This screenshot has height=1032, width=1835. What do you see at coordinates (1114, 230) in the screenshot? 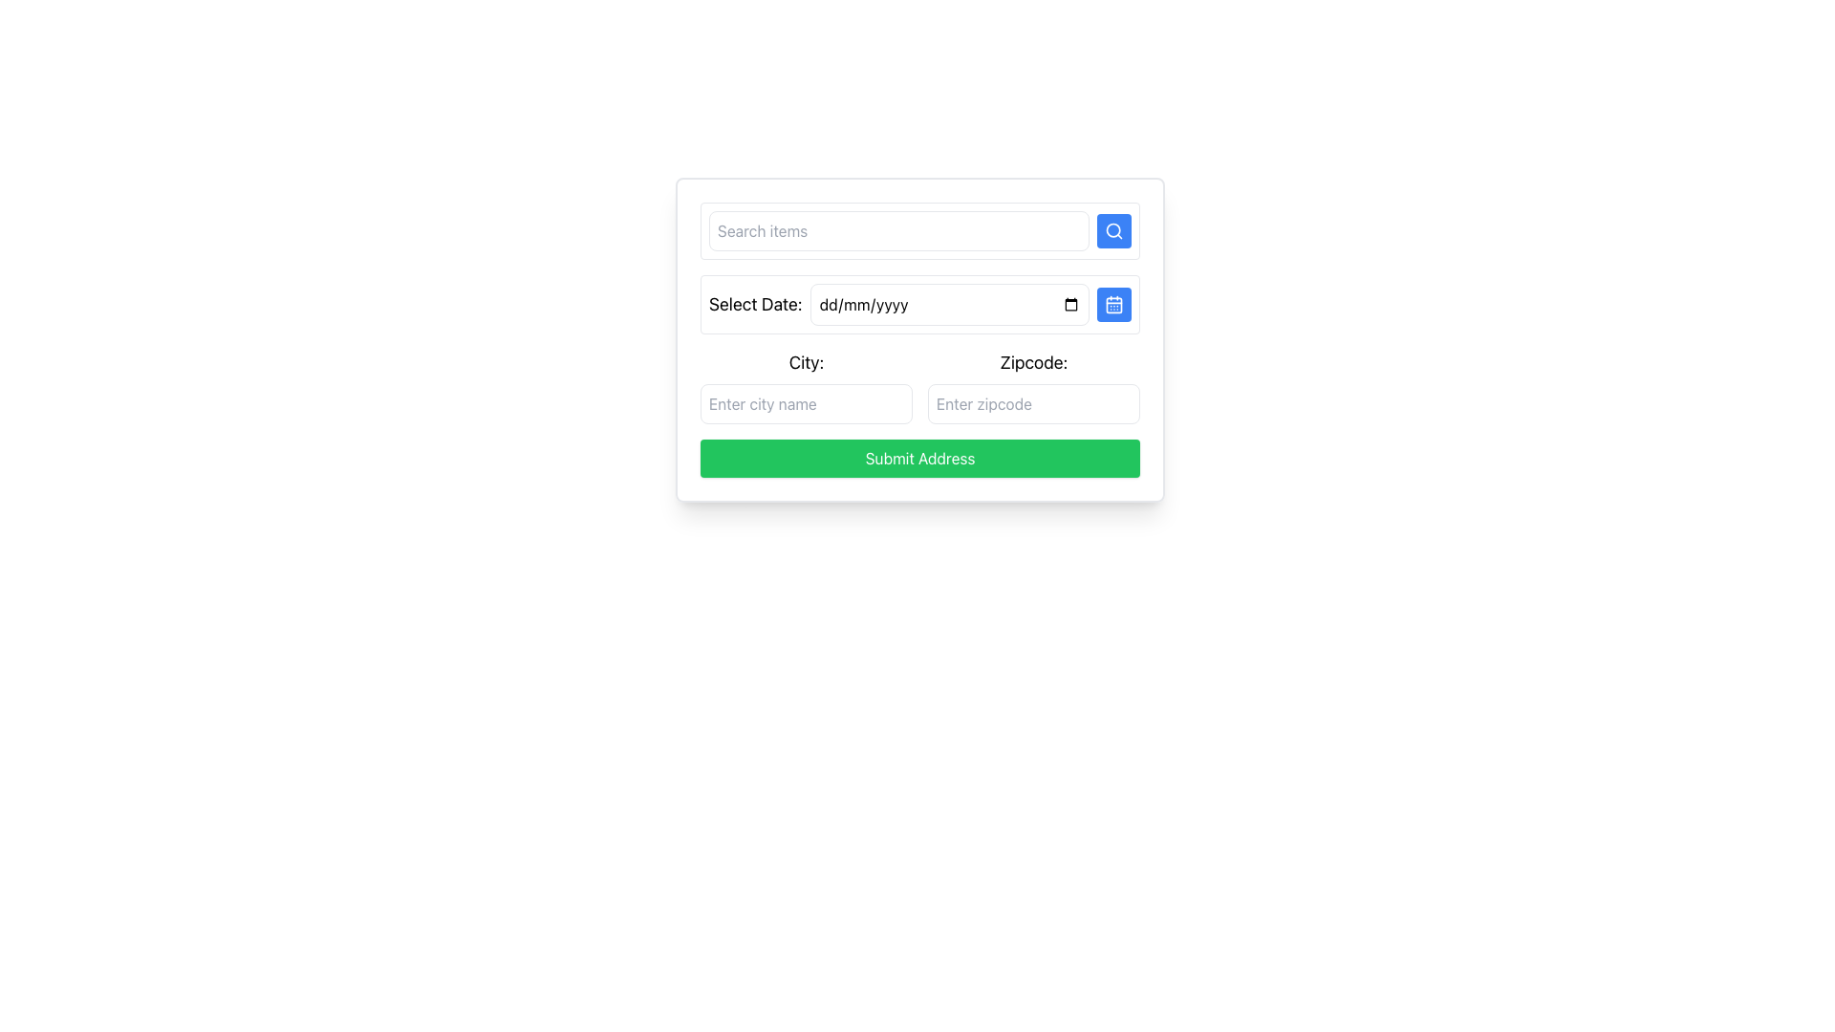
I see `the search button located at the end of the 'Search items' input field to initiate a search` at bounding box center [1114, 230].